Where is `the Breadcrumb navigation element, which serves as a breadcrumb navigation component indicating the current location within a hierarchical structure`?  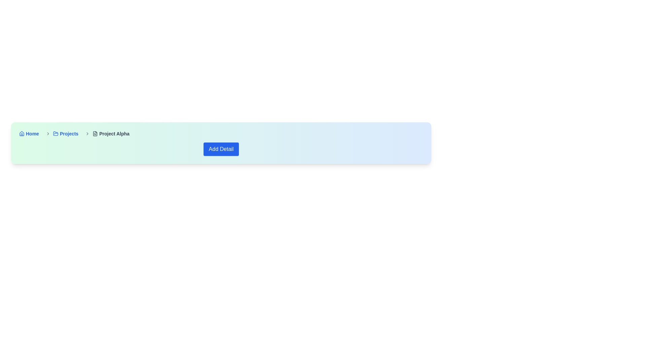 the Breadcrumb navigation element, which serves as a breadcrumb navigation component indicating the current location within a hierarchical structure is located at coordinates (221, 133).